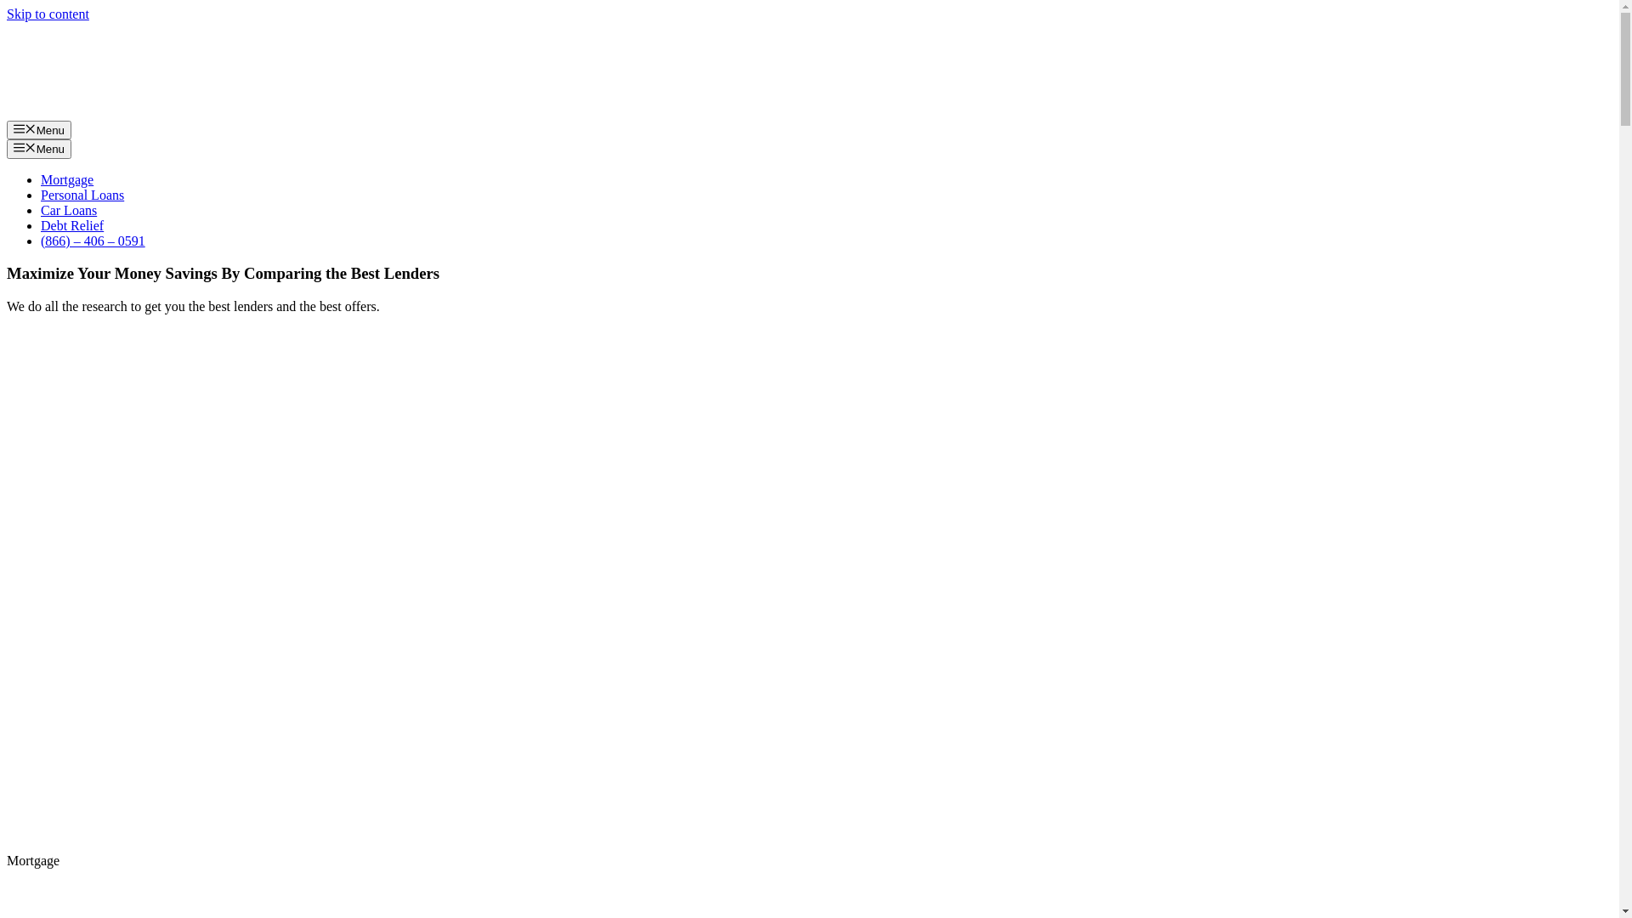 The image size is (1632, 918). What do you see at coordinates (81, 194) in the screenshot?
I see `'Personal Loans'` at bounding box center [81, 194].